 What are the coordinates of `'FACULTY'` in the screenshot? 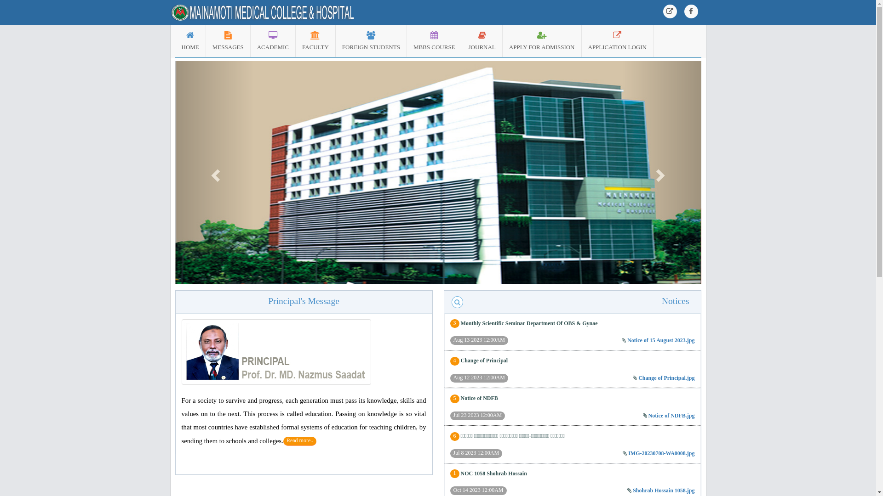 It's located at (296, 40).